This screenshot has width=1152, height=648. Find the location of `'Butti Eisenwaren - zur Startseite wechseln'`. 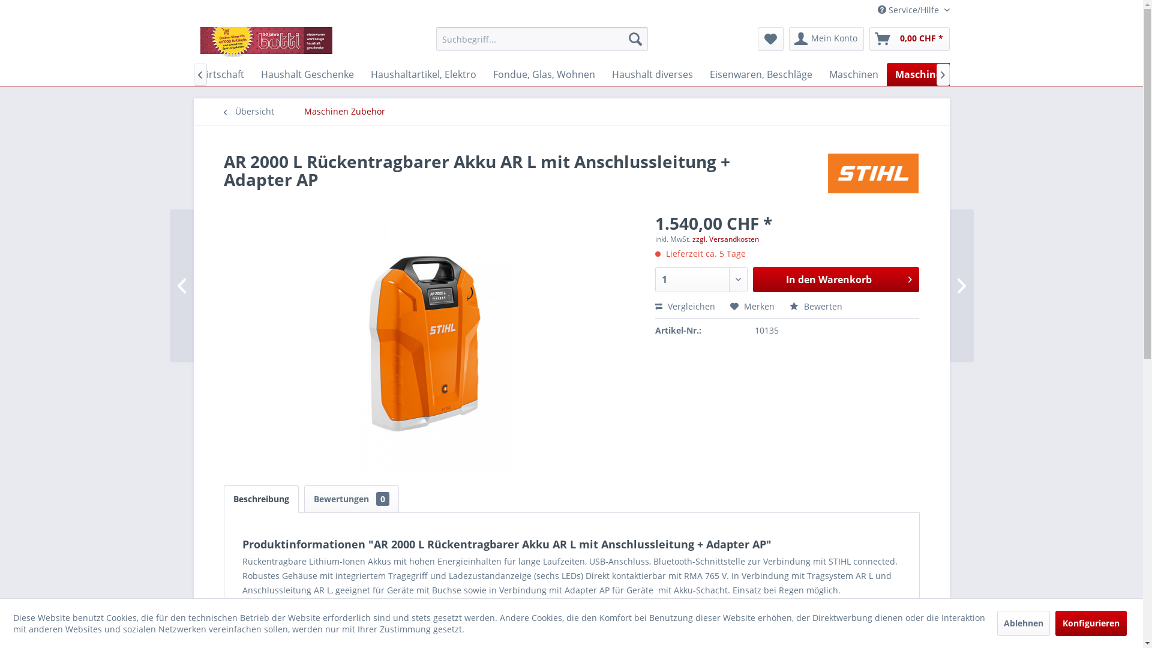

'Butti Eisenwaren - zur Startseite wechseln' is located at coordinates (267, 41).